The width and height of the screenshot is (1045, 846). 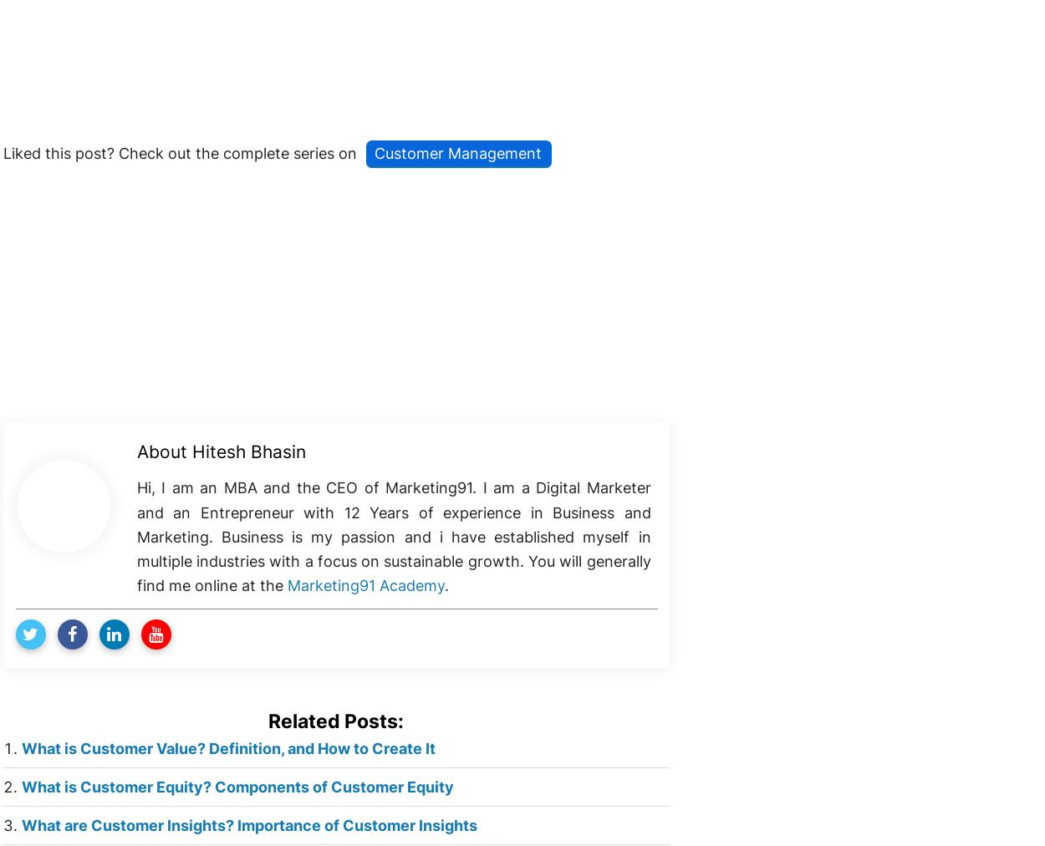 What do you see at coordinates (248, 451) in the screenshot?
I see `'Hitesh Bhasin'` at bounding box center [248, 451].